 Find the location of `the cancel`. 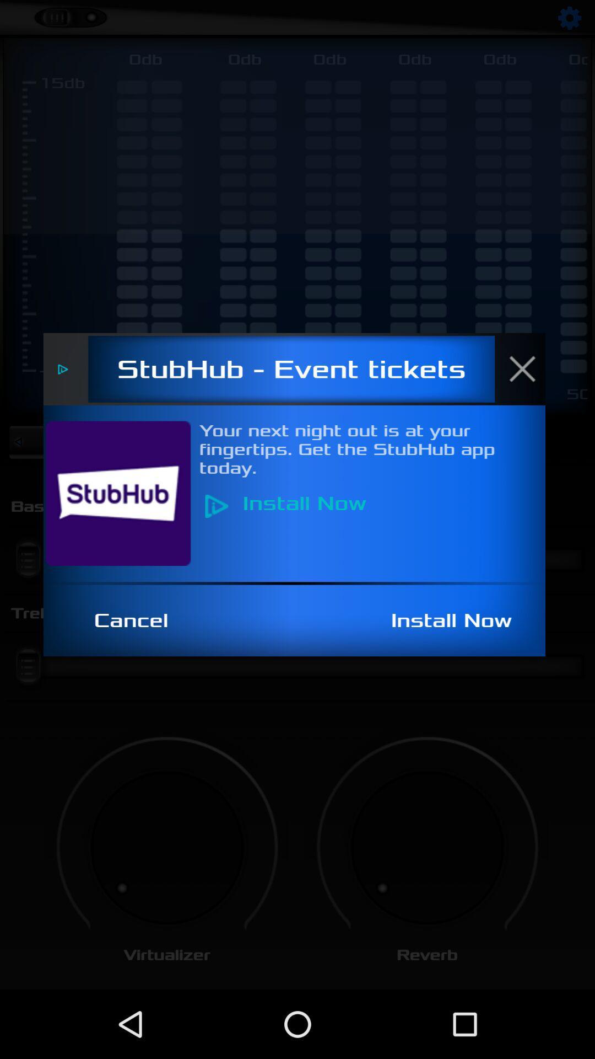

the cancel is located at coordinates (137, 621).